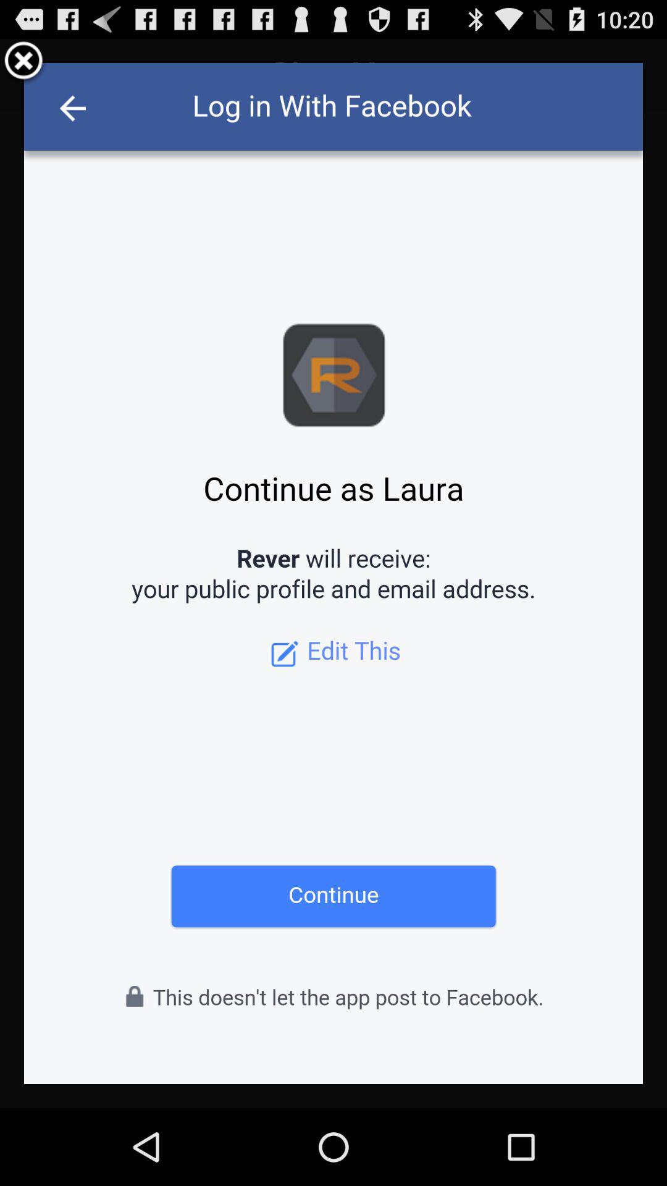 The width and height of the screenshot is (667, 1186). I want to click on x, so click(23, 62).